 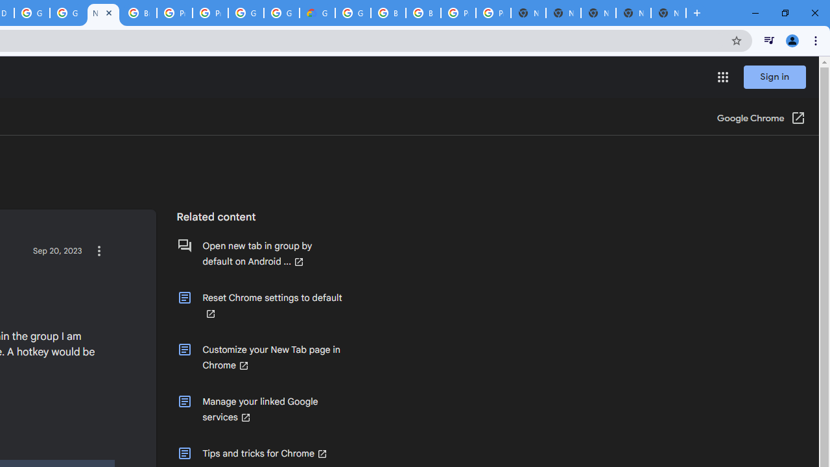 What do you see at coordinates (98, 251) in the screenshot?
I see `'Action items for the question'` at bounding box center [98, 251].